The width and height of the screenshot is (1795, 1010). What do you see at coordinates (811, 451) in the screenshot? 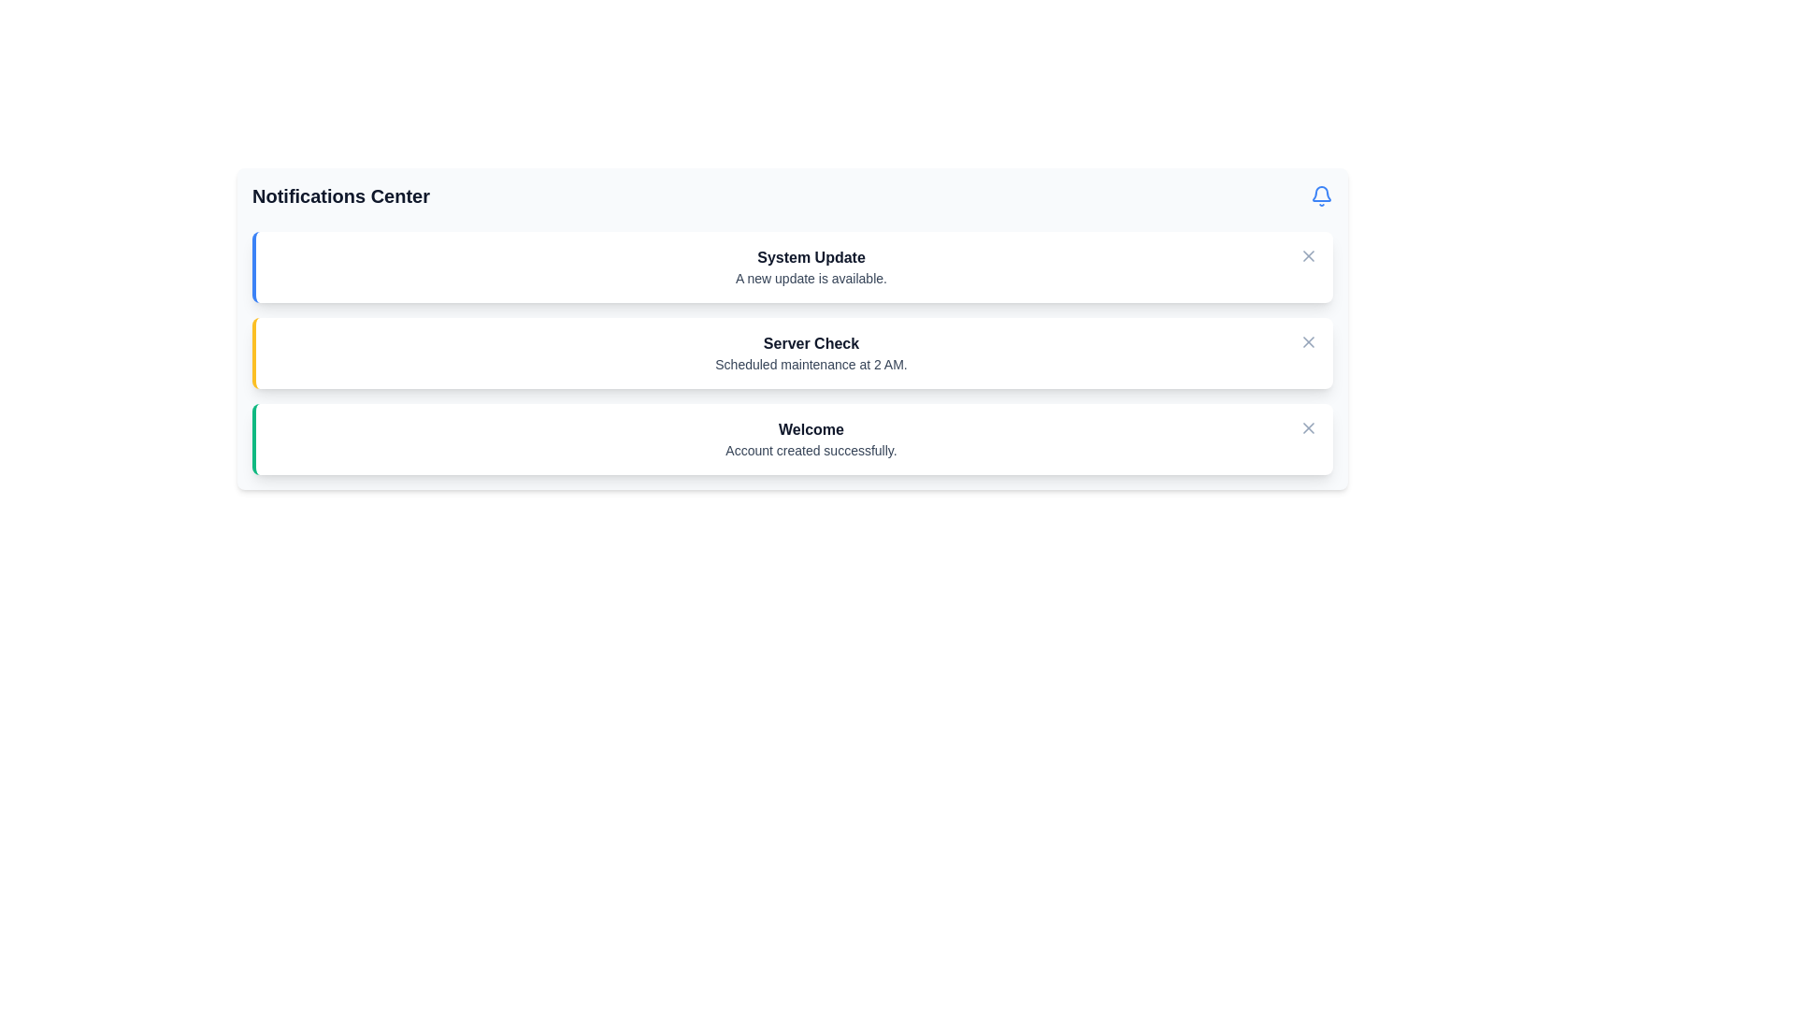
I see `the confirmation message that informs the user about successful account creation, located beneath the heading 'Welcome' in the lower part of the third notification card` at bounding box center [811, 451].